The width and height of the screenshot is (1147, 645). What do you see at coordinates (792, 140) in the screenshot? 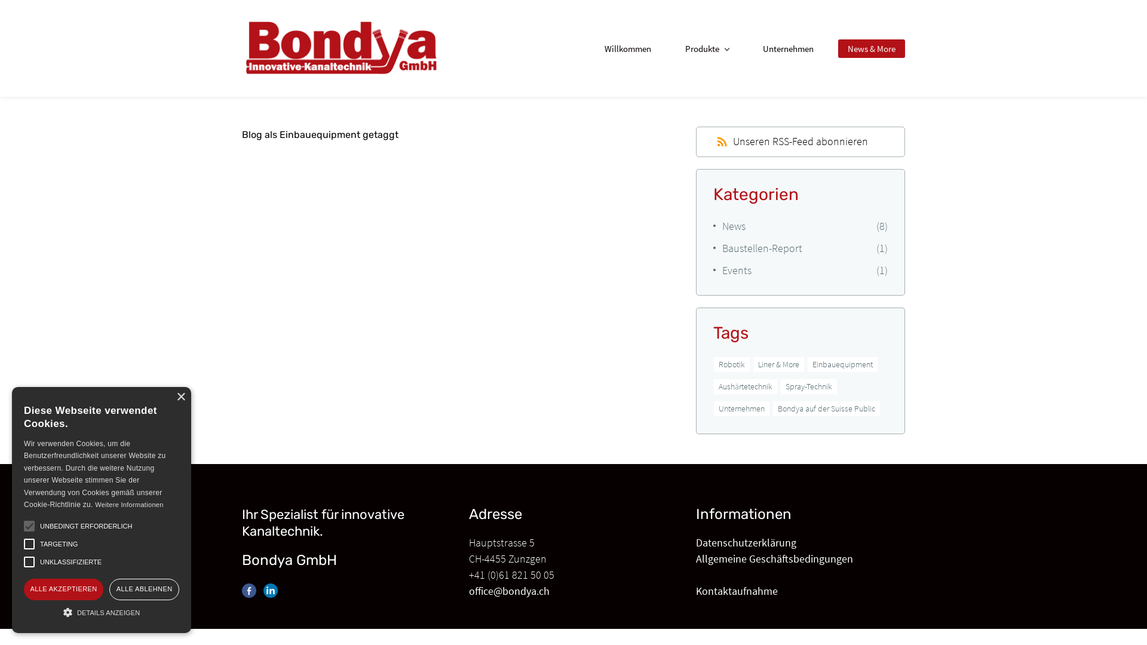
I see `'Unseren RSS-Feed abonnieren'` at bounding box center [792, 140].